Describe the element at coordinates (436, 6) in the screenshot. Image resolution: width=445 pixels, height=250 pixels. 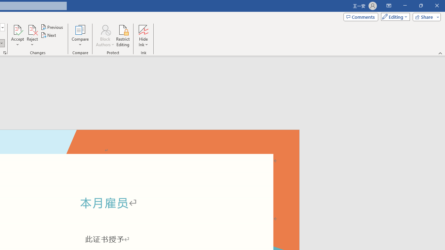
I see `'Close'` at that location.